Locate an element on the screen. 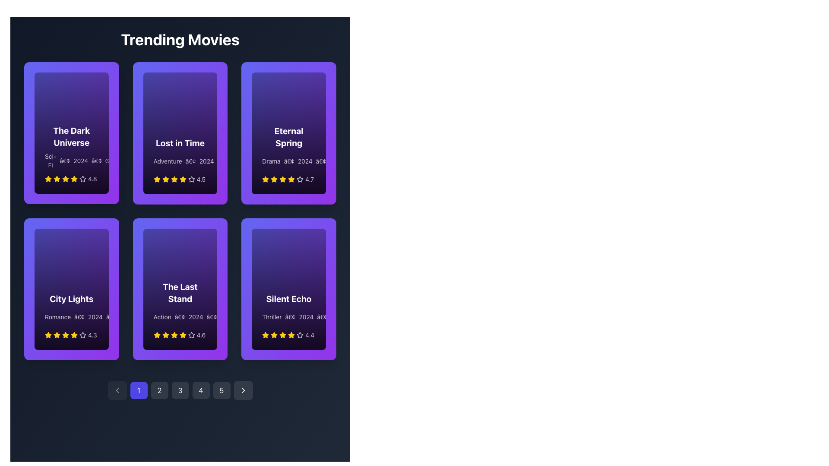 This screenshot has height=466, width=829. the title text of the second movie card in the trending movies section is located at coordinates (180, 142).